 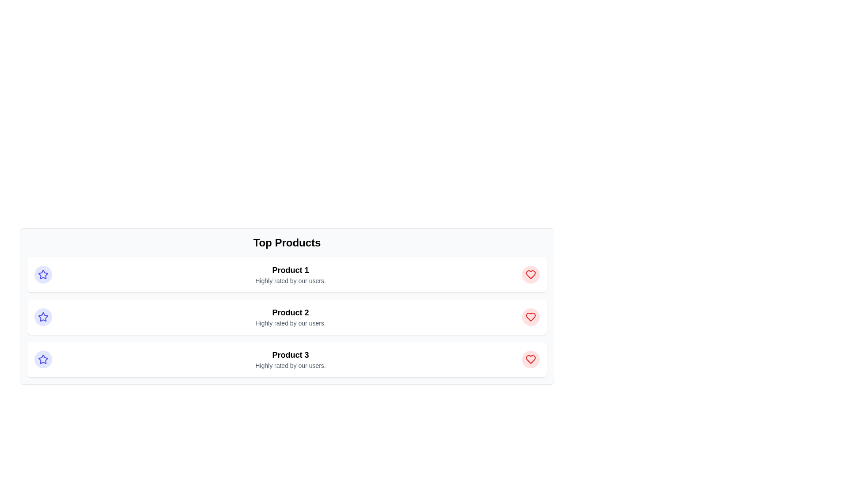 I want to click on the 'like' button for 'Product 2', located in the top-right corner of the second list item under the 'Top Products' section, so click(x=530, y=316).